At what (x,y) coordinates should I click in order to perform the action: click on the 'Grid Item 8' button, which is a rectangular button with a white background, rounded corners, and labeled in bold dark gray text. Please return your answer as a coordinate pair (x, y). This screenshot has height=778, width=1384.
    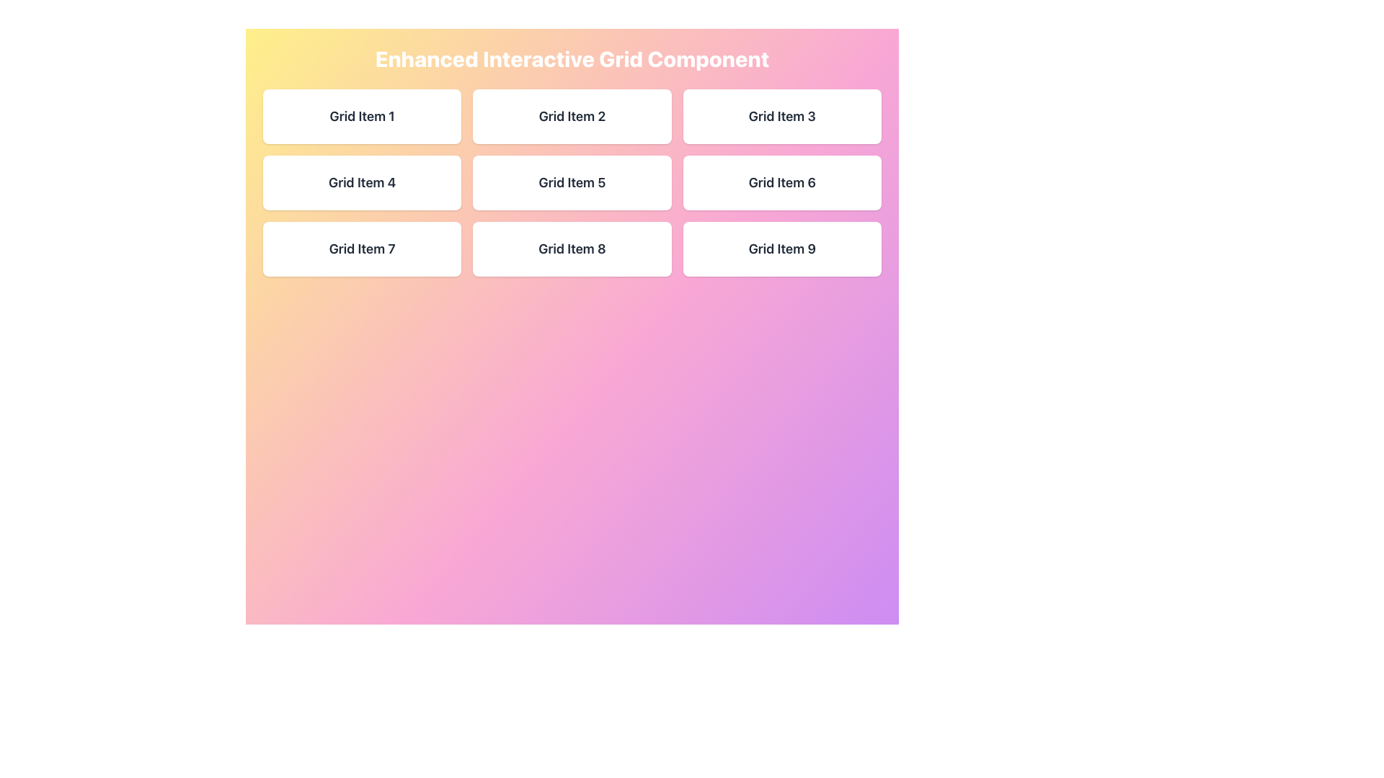
    Looking at the image, I should click on (571, 249).